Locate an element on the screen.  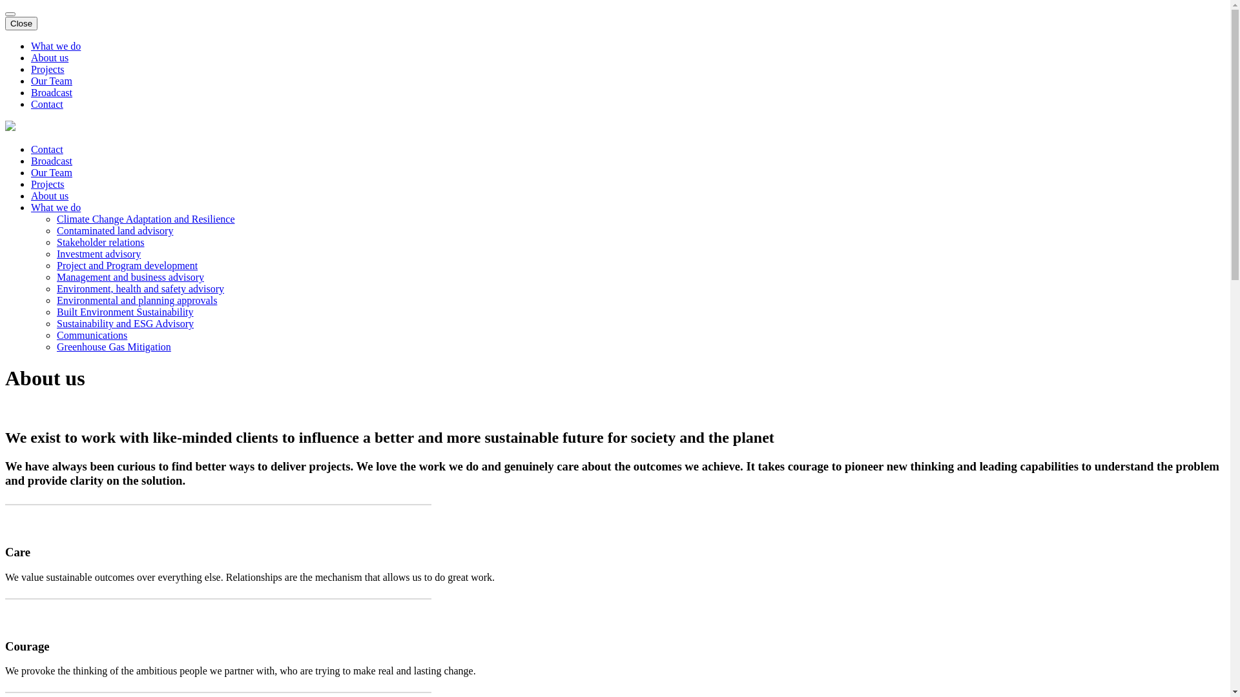
'Communications' is located at coordinates (91, 334).